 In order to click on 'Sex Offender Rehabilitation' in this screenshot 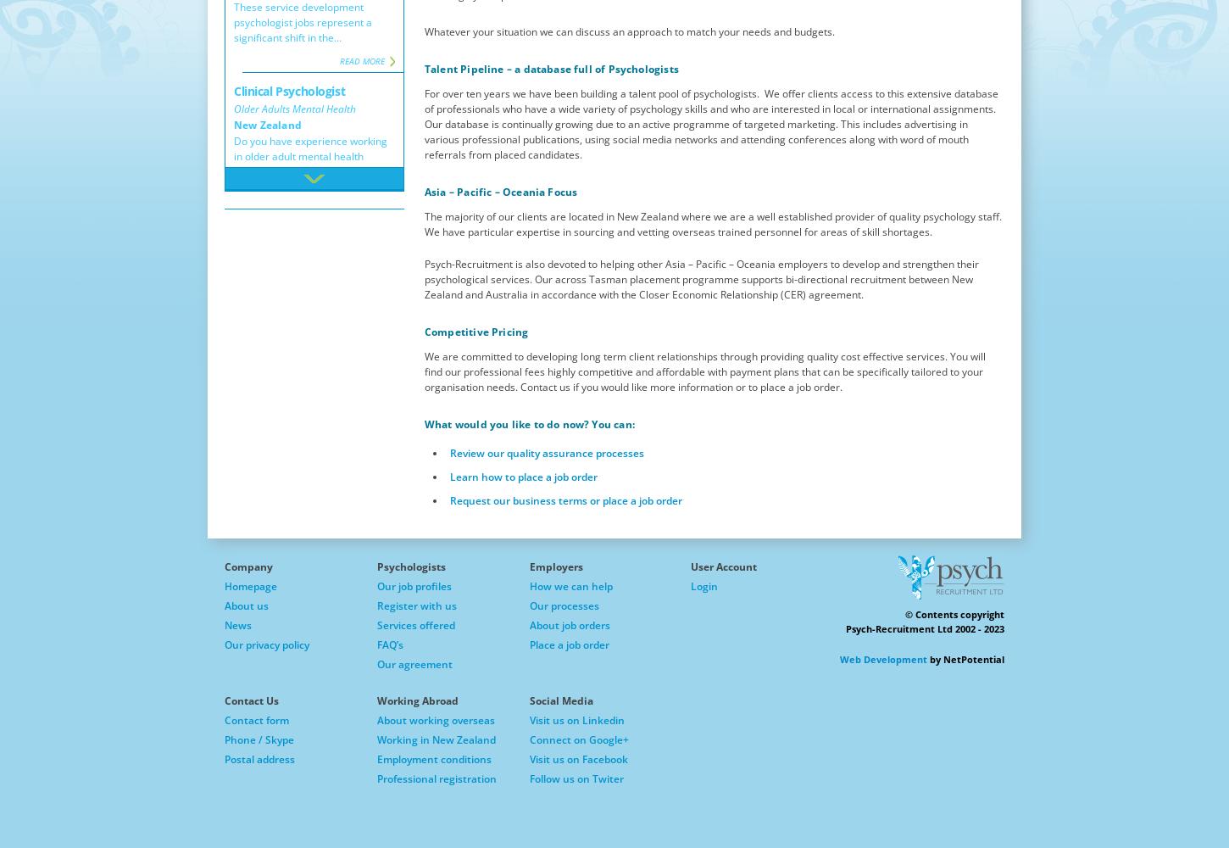, I will do `click(233, 599)`.